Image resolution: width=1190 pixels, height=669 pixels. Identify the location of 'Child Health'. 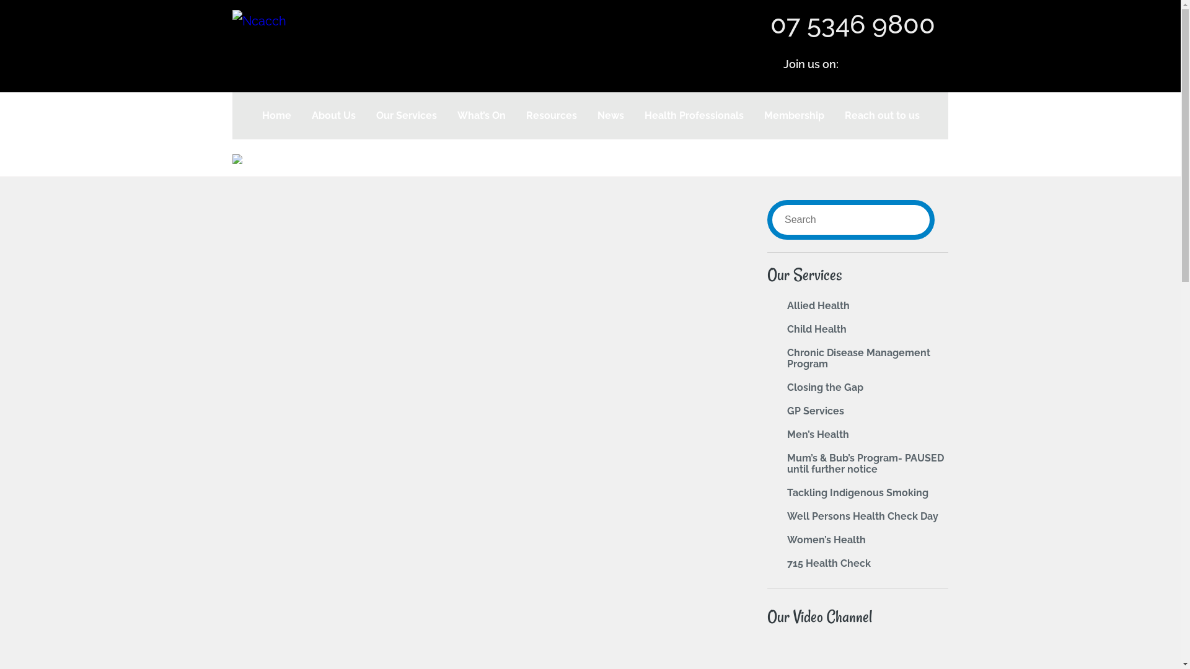
(817, 328).